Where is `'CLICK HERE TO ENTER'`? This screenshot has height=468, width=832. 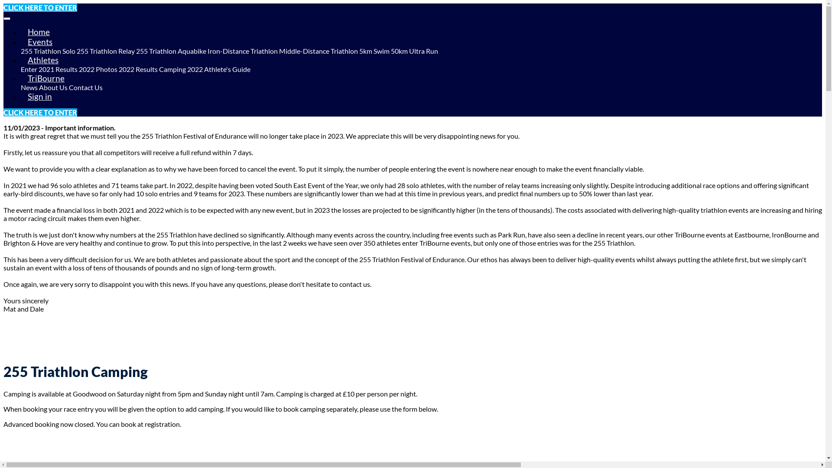
'CLICK HERE TO ENTER' is located at coordinates (3, 7).